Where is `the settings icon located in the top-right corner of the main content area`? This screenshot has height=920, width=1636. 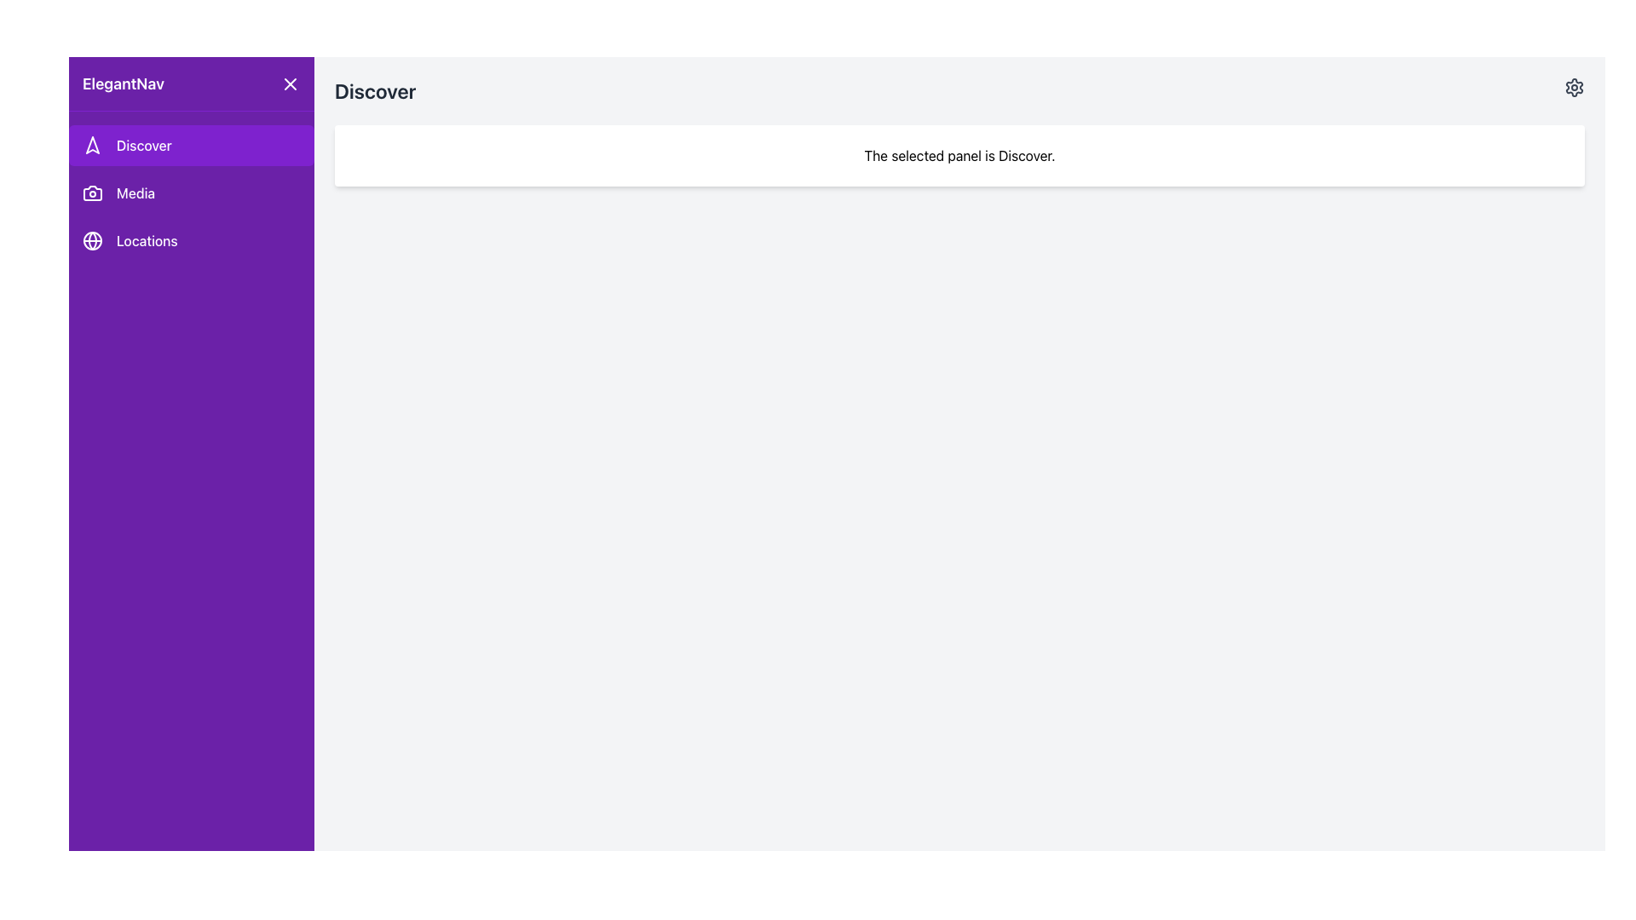
the settings icon located in the top-right corner of the main content area is located at coordinates (1574, 88).